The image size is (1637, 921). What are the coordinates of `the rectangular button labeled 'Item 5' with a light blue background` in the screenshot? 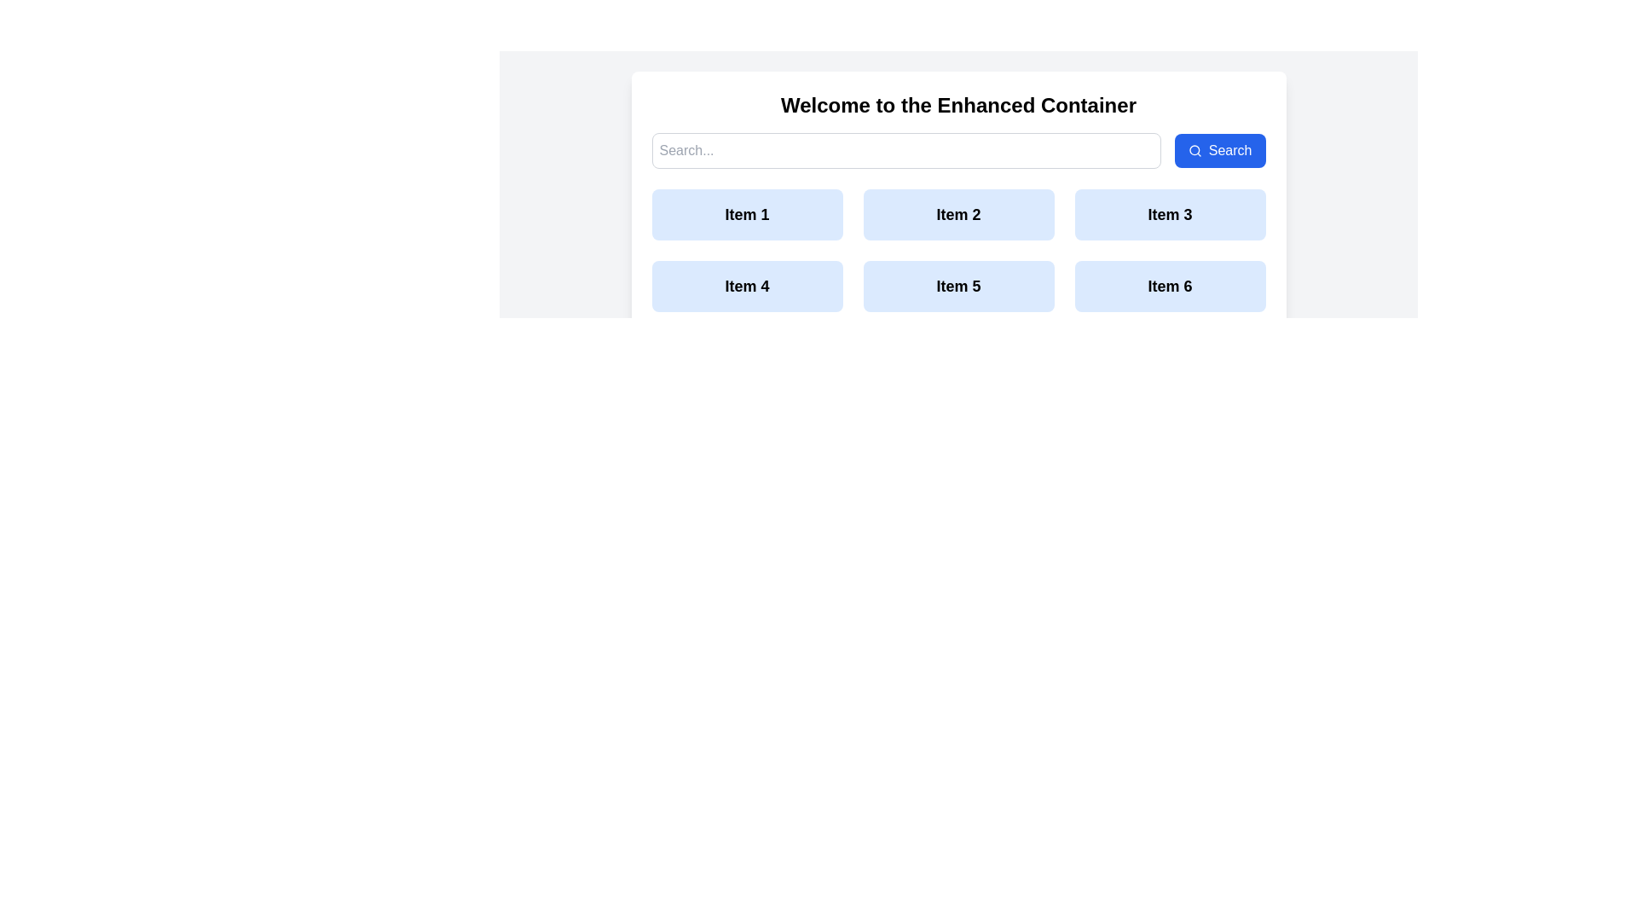 It's located at (958, 285).